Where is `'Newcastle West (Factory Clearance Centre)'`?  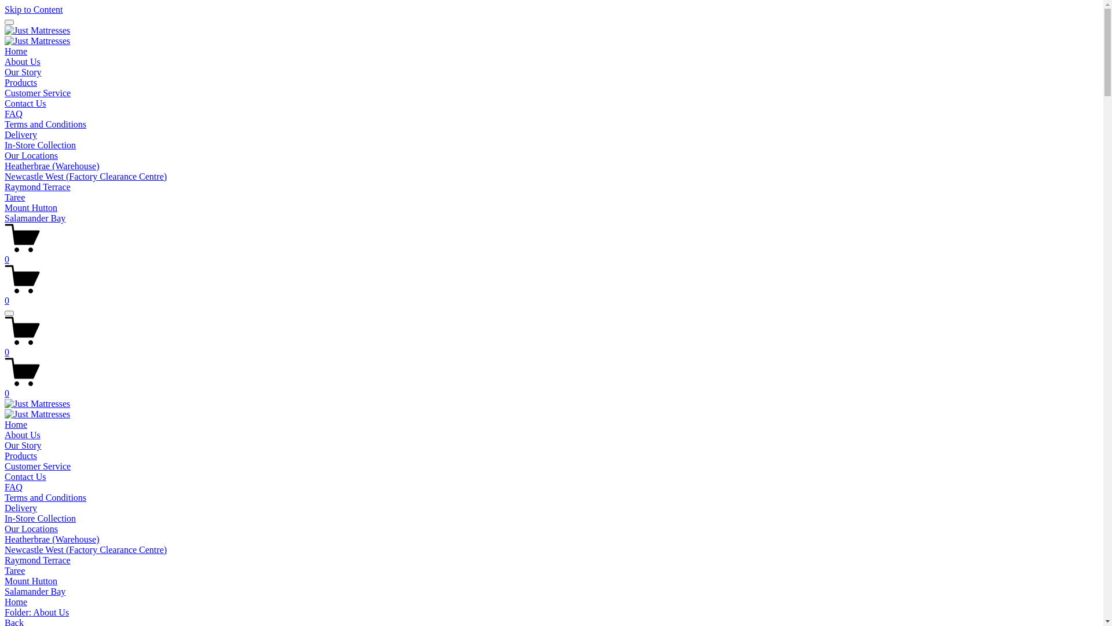
'Newcastle West (Factory Clearance Centre)' is located at coordinates (85, 549).